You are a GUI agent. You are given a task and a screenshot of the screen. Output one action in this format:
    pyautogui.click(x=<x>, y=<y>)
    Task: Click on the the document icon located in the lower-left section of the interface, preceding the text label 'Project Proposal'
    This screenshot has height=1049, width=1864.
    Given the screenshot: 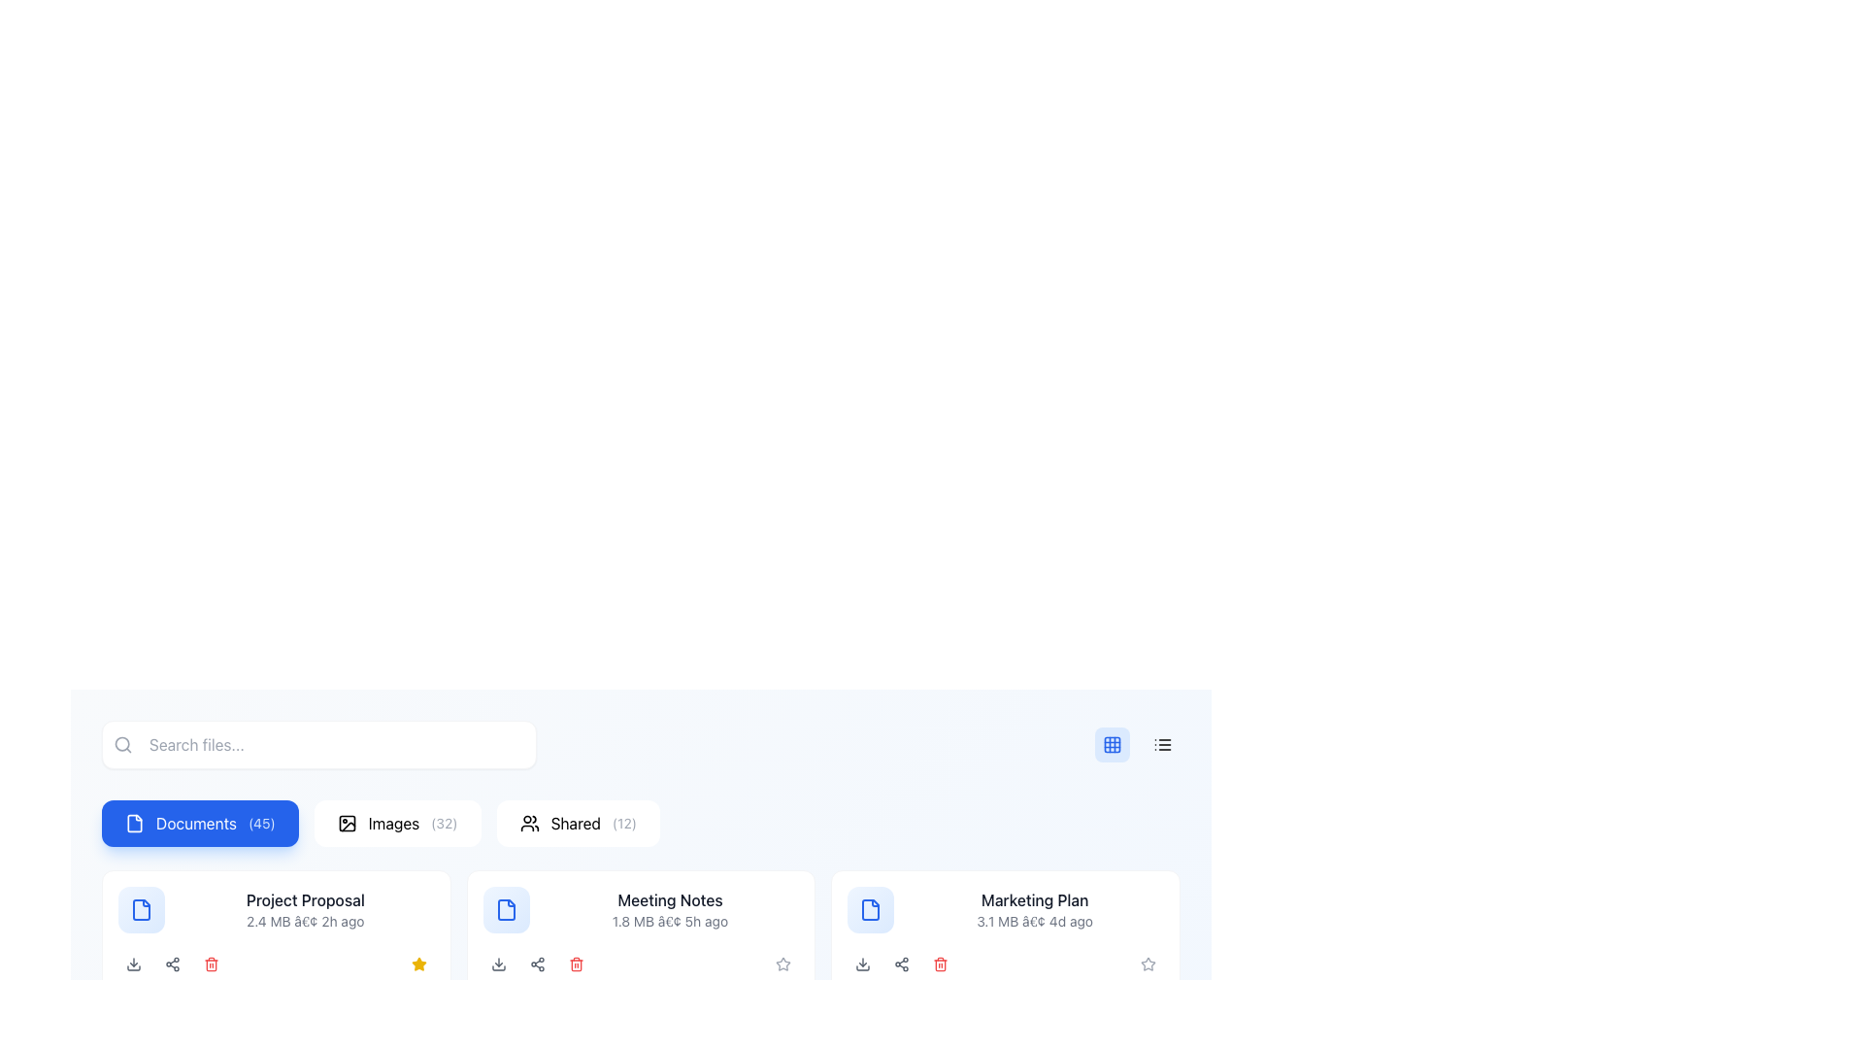 What is the action you would take?
    pyautogui.click(x=140, y=910)
    